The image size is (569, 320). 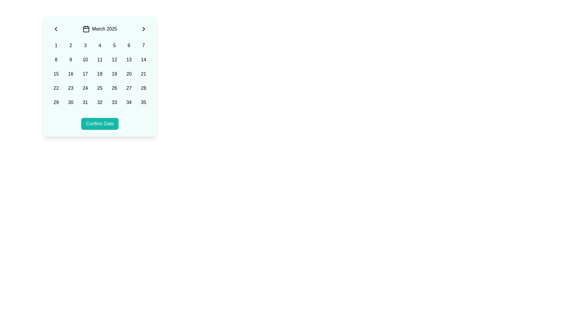 I want to click on the interactive box located in the second row and second column of the grid layout for accessibility actions, so click(x=71, y=60).